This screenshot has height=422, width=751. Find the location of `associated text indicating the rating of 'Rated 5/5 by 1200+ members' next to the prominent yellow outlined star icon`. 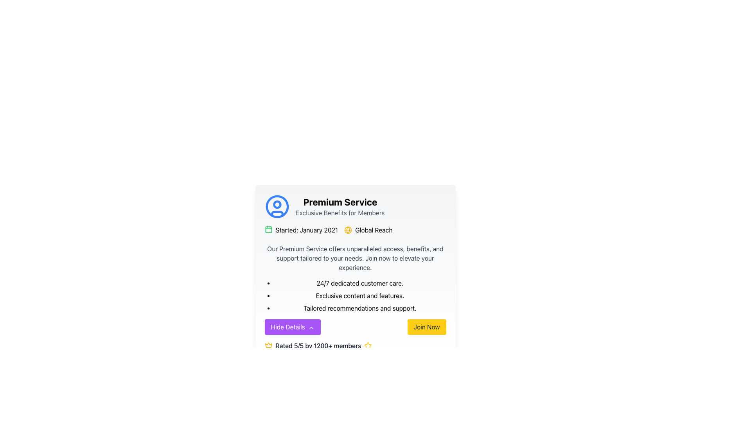

associated text indicating the rating of 'Rated 5/5 by 1200+ members' next to the prominent yellow outlined star icon is located at coordinates (368, 345).